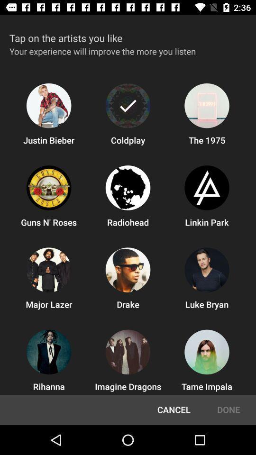 The height and width of the screenshot is (455, 256). What do you see at coordinates (173, 409) in the screenshot?
I see `the icon next to done` at bounding box center [173, 409].